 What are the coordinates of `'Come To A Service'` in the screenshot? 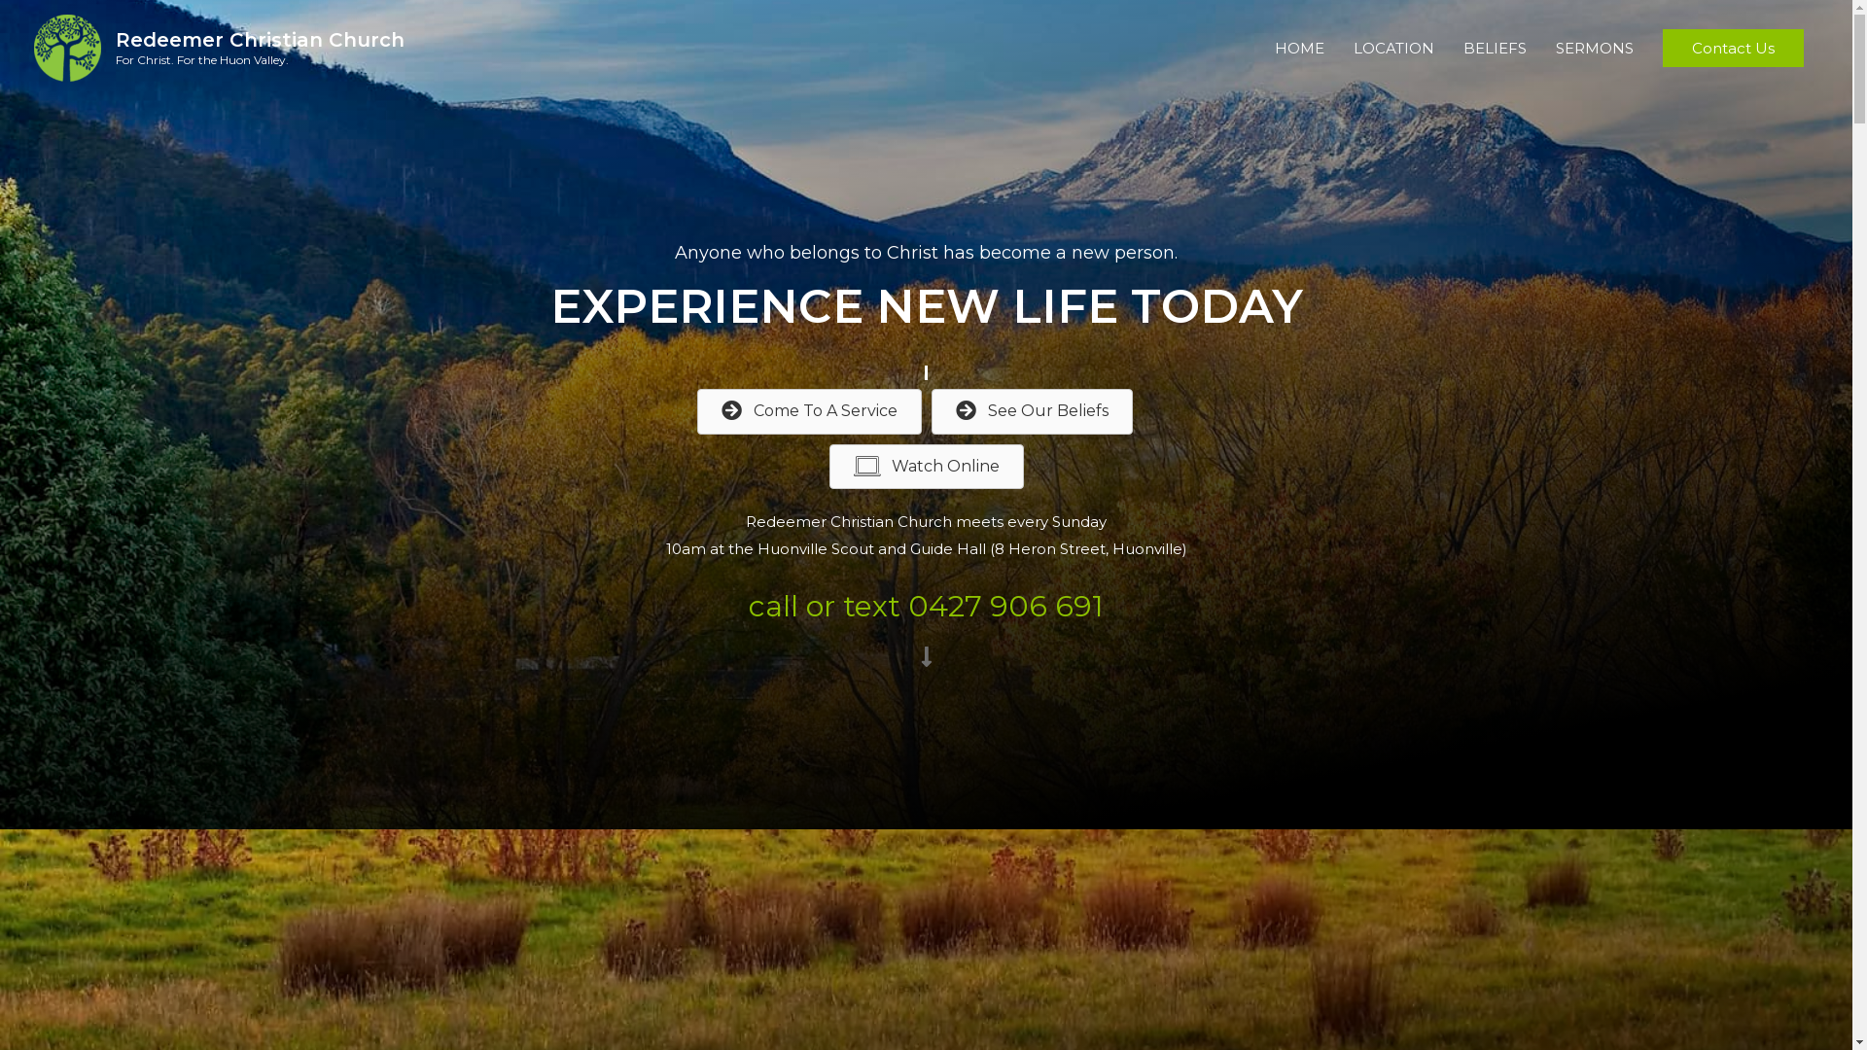 It's located at (808, 410).